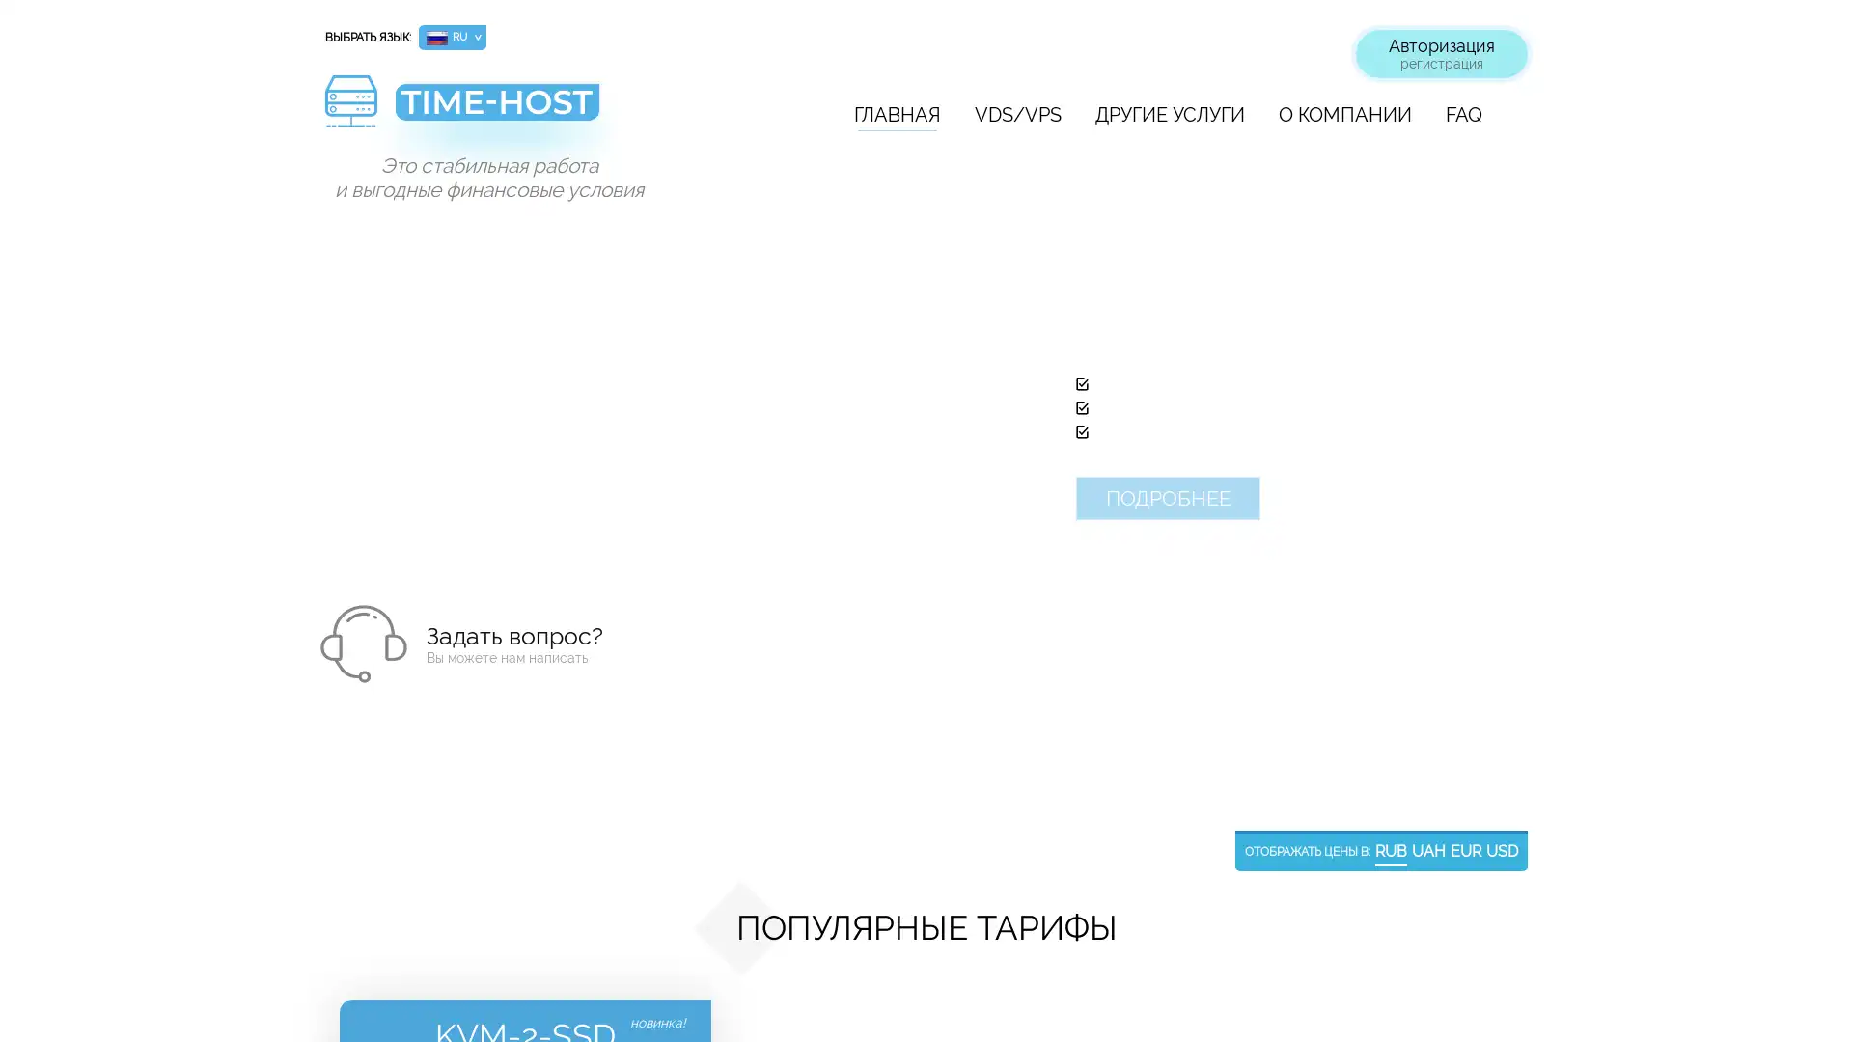 The image size is (1853, 1042). What do you see at coordinates (452, 88) in the screenshot?
I see `de DE` at bounding box center [452, 88].